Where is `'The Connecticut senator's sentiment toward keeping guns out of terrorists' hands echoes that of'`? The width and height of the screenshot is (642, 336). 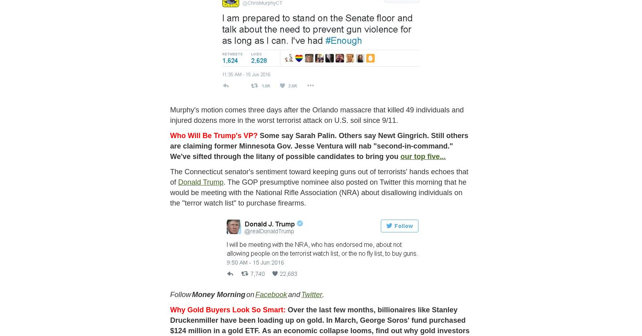
'The Connecticut senator's sentiment toward keeping guns out of terrorists' hands echoes that of' is located at coordinates (319, 176).